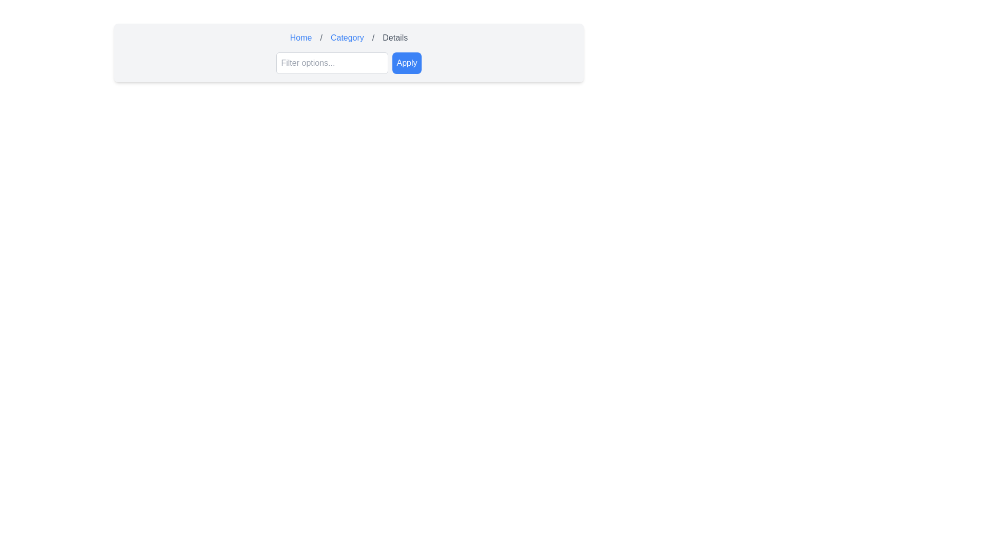  Describe the element at coordinates (300, 37) in the screenshot. I see `the navigational hyperlink that returns to the home page, located at the top-left of the interface, to trigger the visual hover effect` at that location.